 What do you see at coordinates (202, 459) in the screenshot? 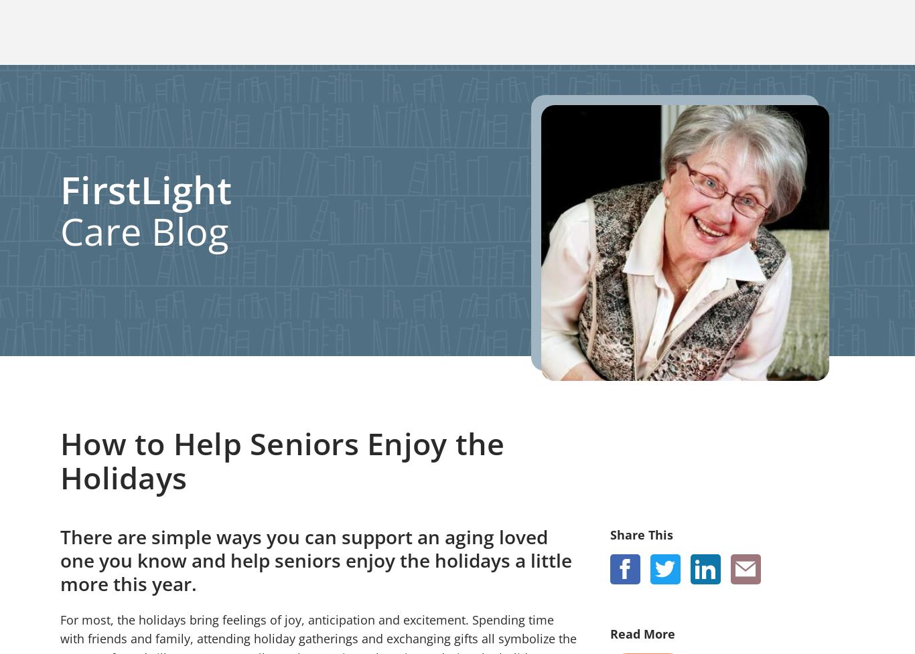
I see `'Request Home Care'` at bounding box center [202, 459].